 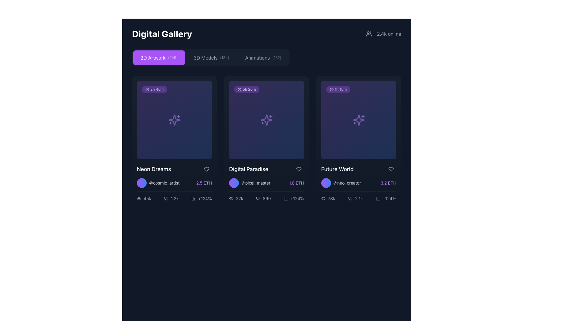 I want to click on the heart icon to favorite the item associated with the 'Digital Paradise' listing, located slightly above the '1.8 ETH' price label on the third card in the gallery, so click(x=299, y=169).